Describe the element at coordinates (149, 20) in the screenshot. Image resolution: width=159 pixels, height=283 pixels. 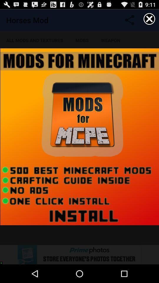
I see `the close icon` at that location.